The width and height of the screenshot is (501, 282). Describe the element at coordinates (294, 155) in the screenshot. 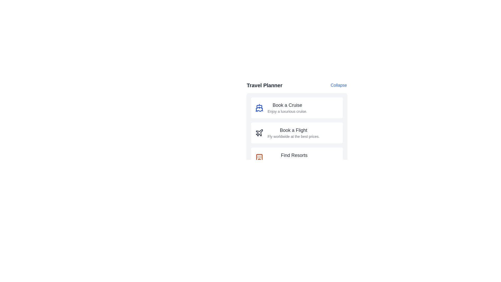

I see `the 'Find Resorts' text label element, which is the primary heading in bold dark gray font, centrally aligned above the descriptive text` at that location.